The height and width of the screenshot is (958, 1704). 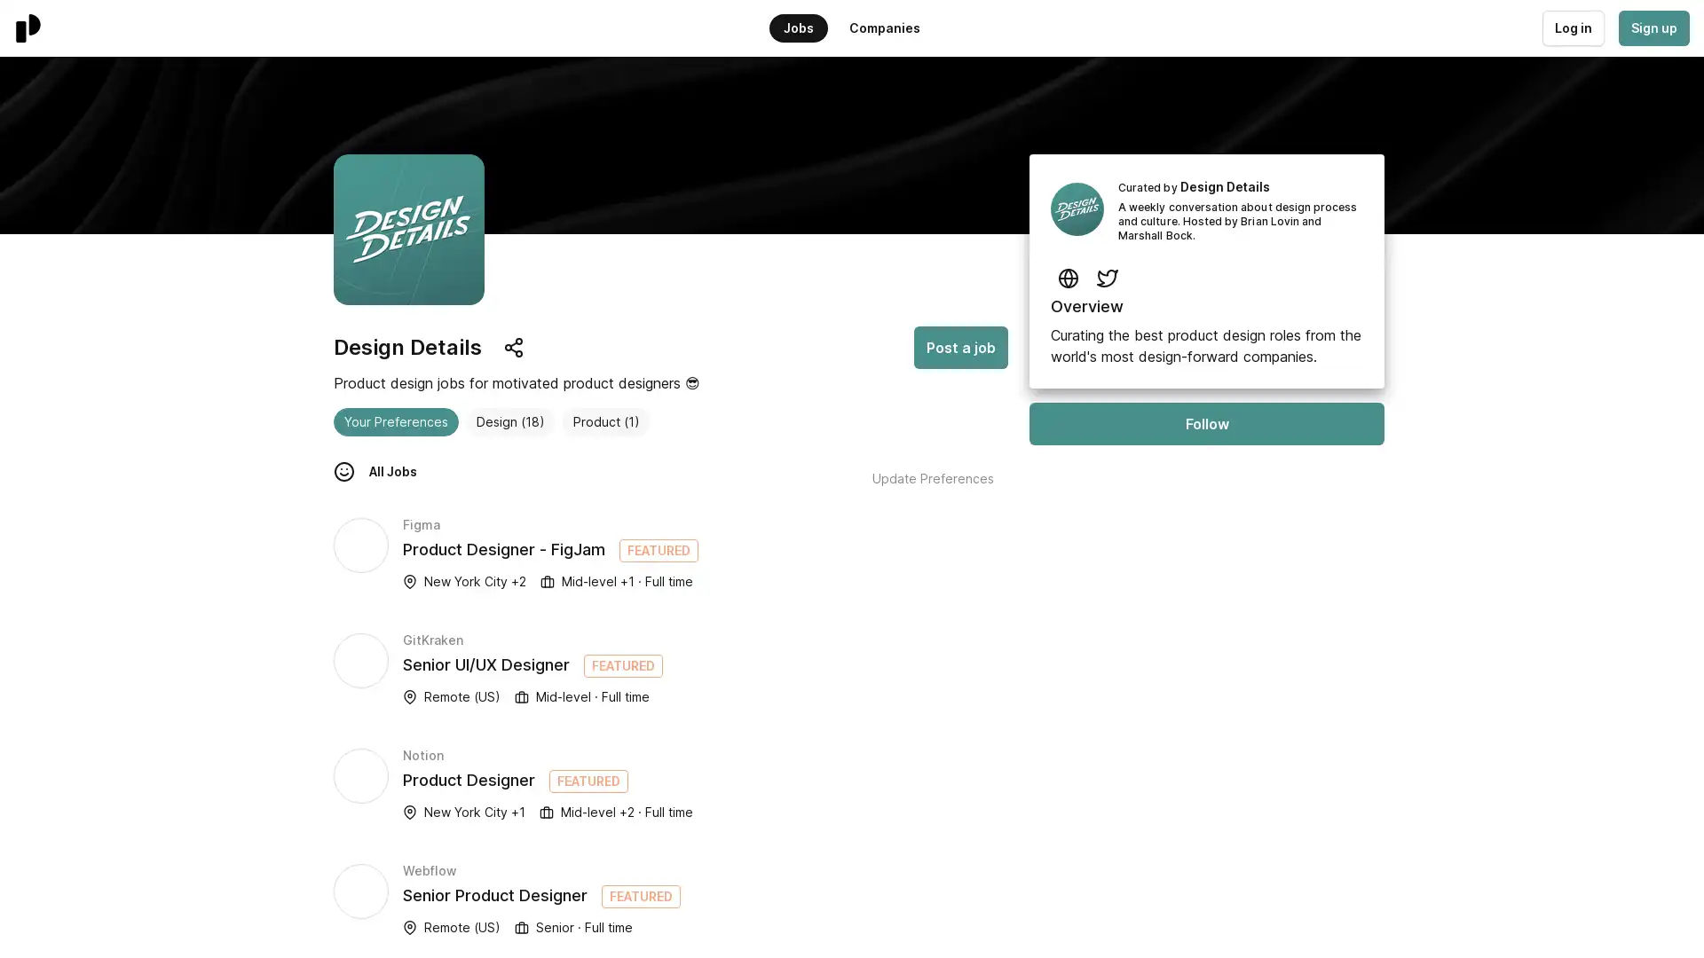 I want to click on Sign up, so click(x=1652, y=27).